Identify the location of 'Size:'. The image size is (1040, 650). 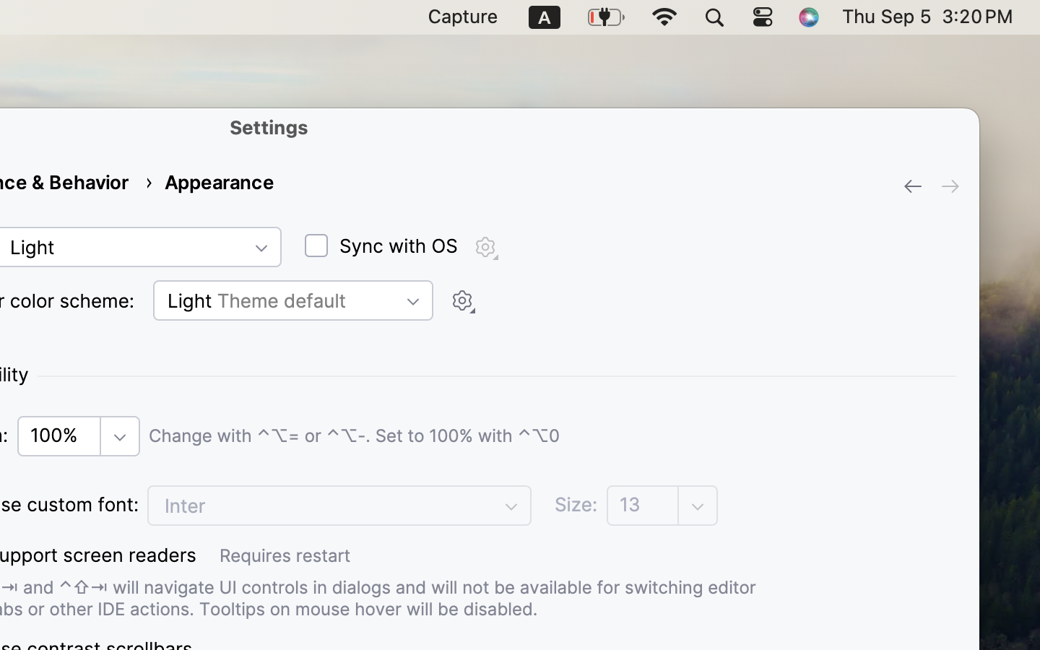
(576, 504).